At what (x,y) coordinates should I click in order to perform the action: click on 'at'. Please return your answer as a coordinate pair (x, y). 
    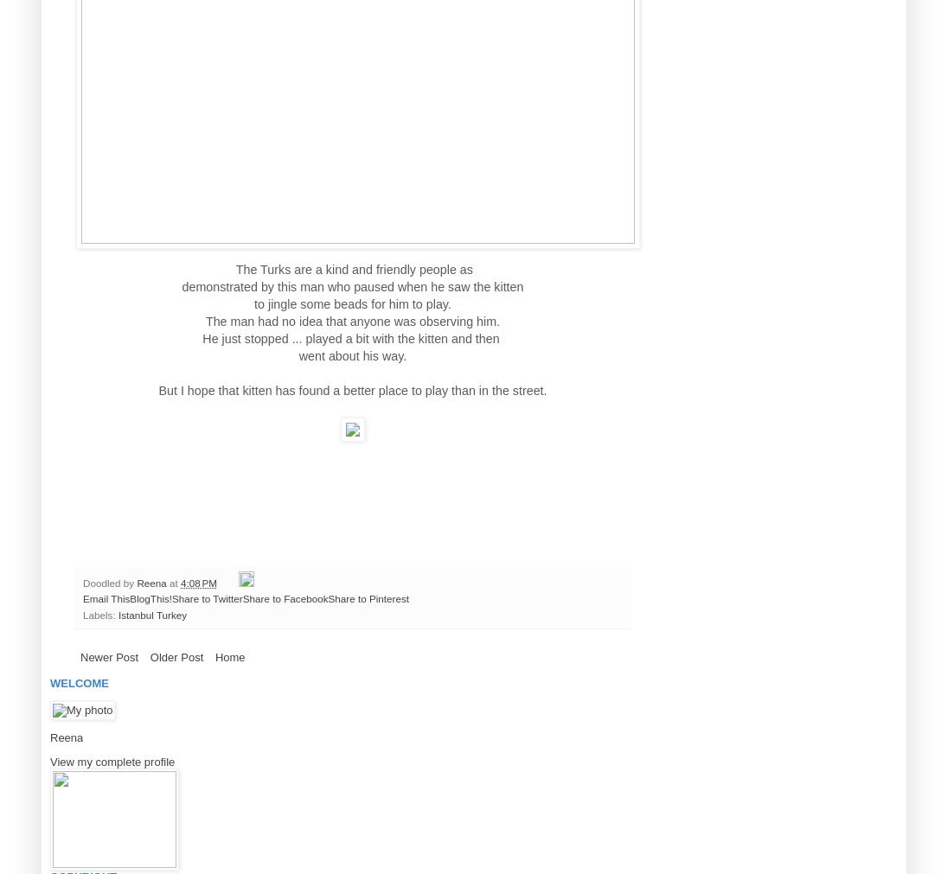
    Looking at the image, I should click on (174, 582).